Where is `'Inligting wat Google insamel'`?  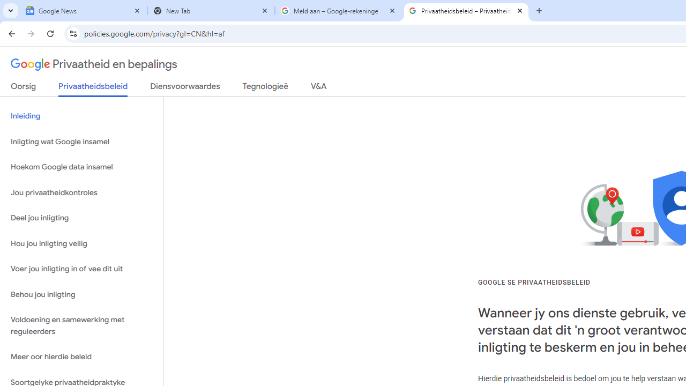 'Inligting wat Google insamel' is located at coordinates (81, 141).